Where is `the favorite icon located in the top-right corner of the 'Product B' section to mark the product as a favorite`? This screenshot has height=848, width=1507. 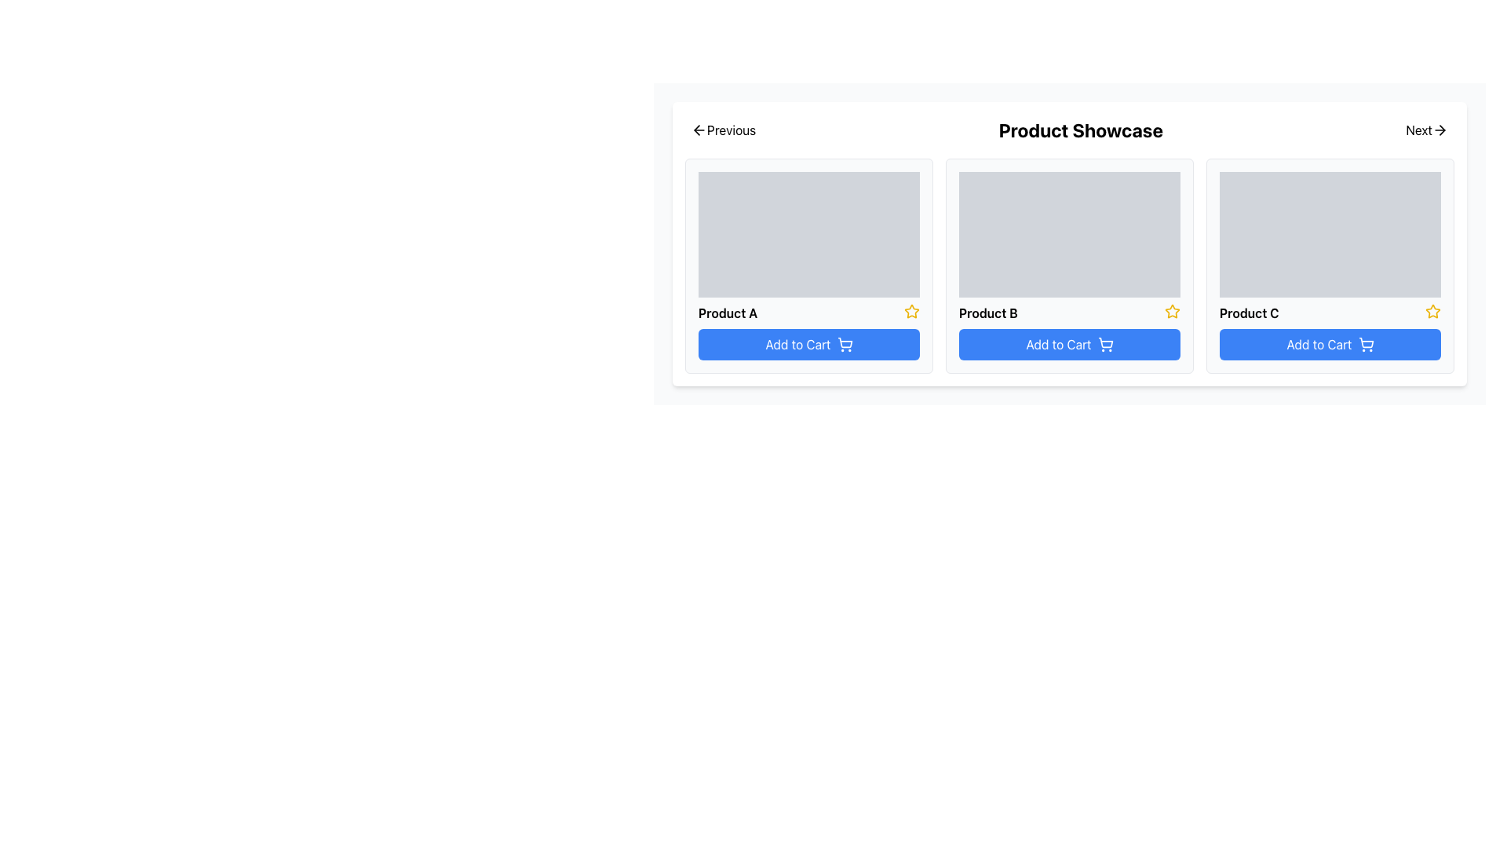 the favorite icon located in the top-right corner of the 'Product B' section to mark the product as a favorite is located at coordinates (1172, 312).